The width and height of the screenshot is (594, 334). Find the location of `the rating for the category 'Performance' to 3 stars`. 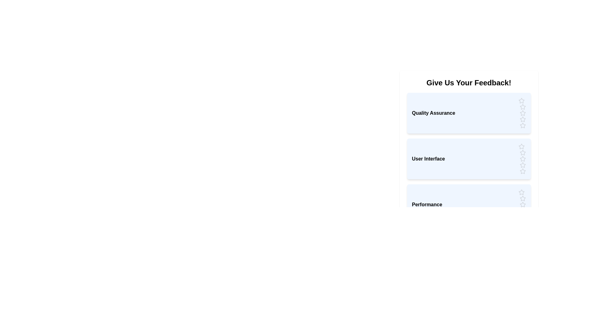

the rating for the category 'Performance' to 3 stars is located at coordinates (522, 205).